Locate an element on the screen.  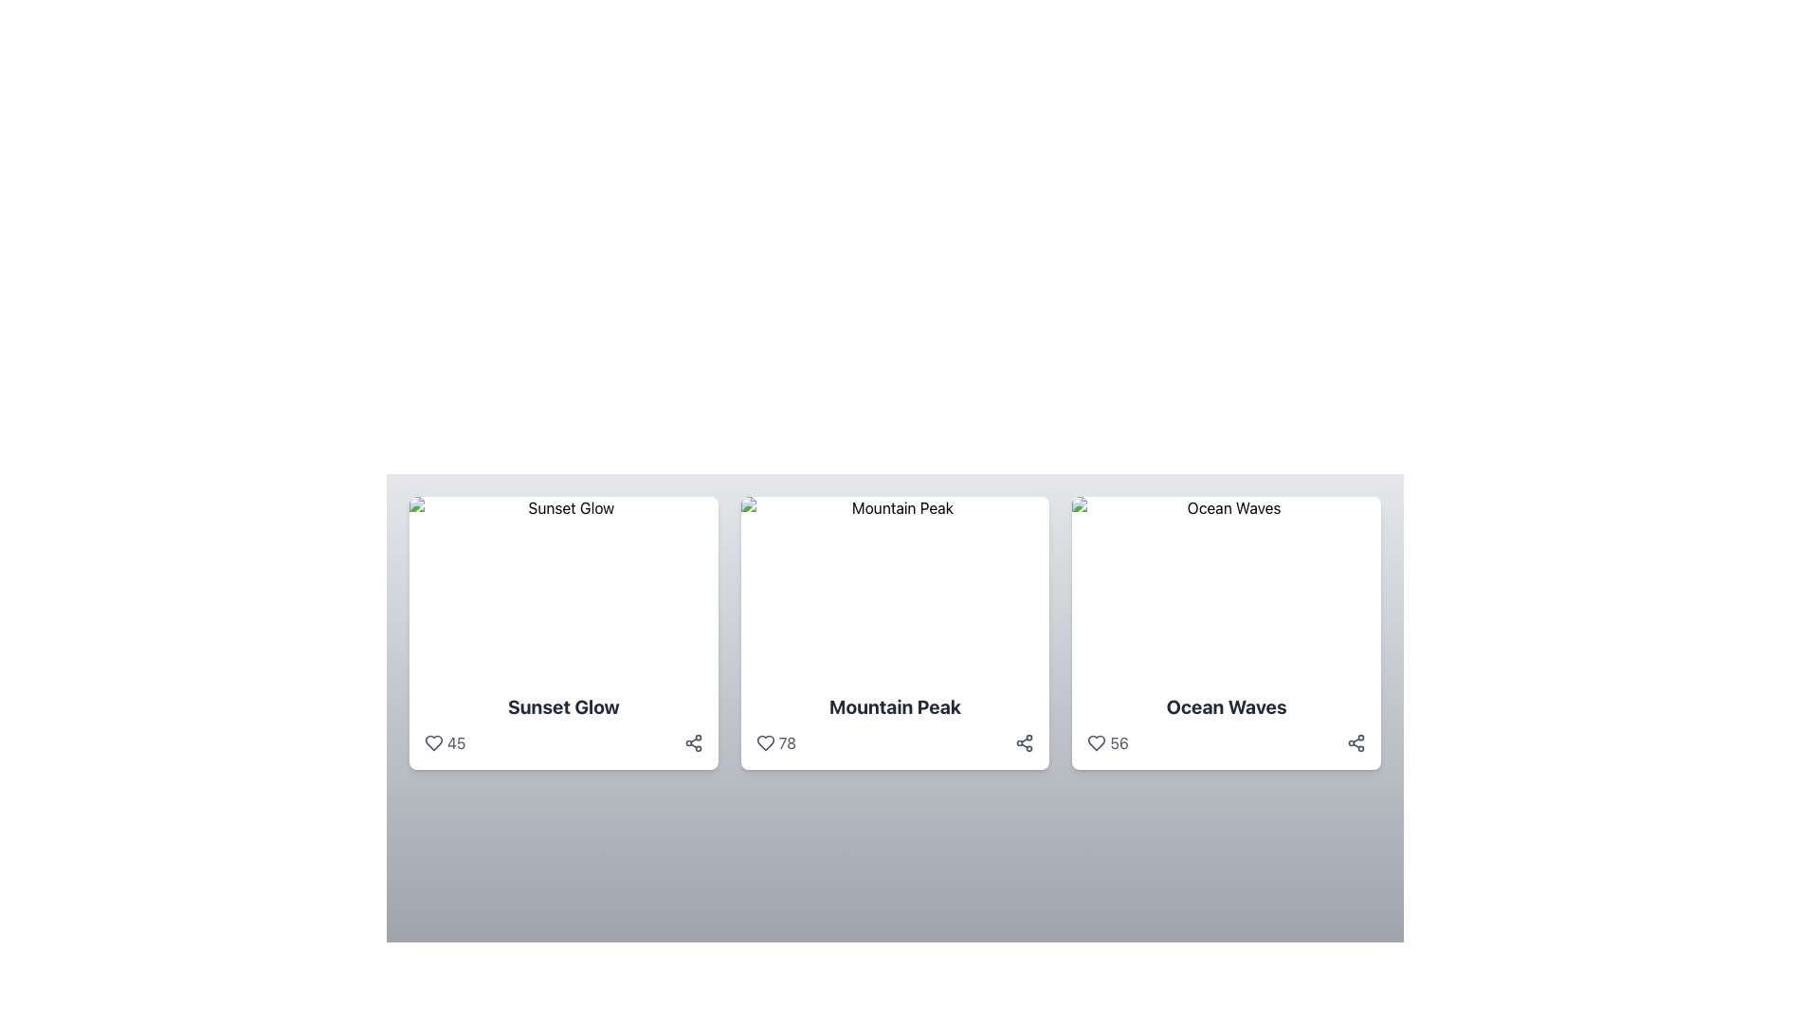
the heart-shaped button representing a favorite action located at the bottom-left corner of the 'Ocean Waves' card is located at coordinates (1097, 741).